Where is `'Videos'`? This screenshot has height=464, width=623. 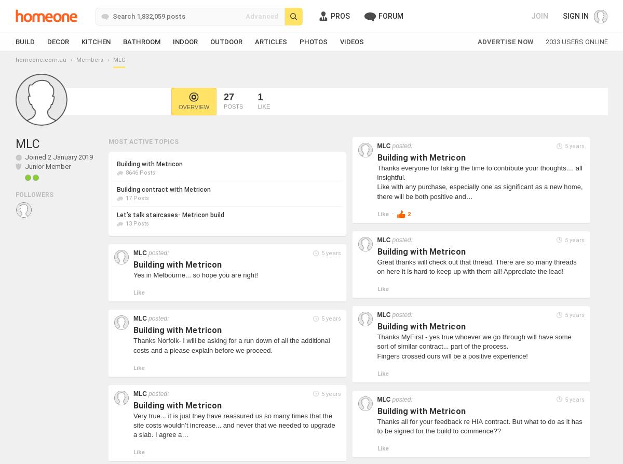
'Videos' is located at coordinates (340, 42).